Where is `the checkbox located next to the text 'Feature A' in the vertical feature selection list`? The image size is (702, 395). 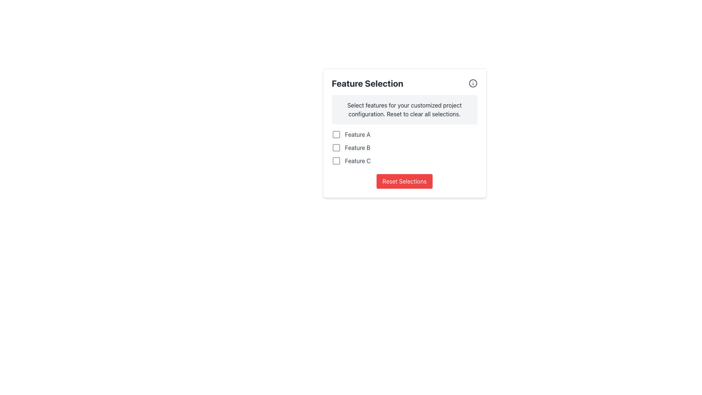 the checkbox located next to the text 'Feature A' in the vertical feature selection list is located at coordinates (336, 134).